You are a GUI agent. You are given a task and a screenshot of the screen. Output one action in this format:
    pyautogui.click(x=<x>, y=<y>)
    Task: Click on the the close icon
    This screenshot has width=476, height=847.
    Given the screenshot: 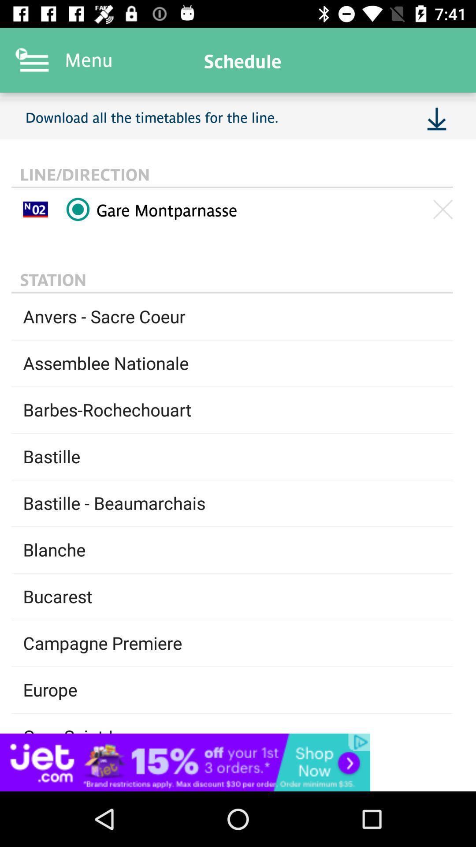 What is the action you would take?
    pyautogui.click(x=443, y=209)
    